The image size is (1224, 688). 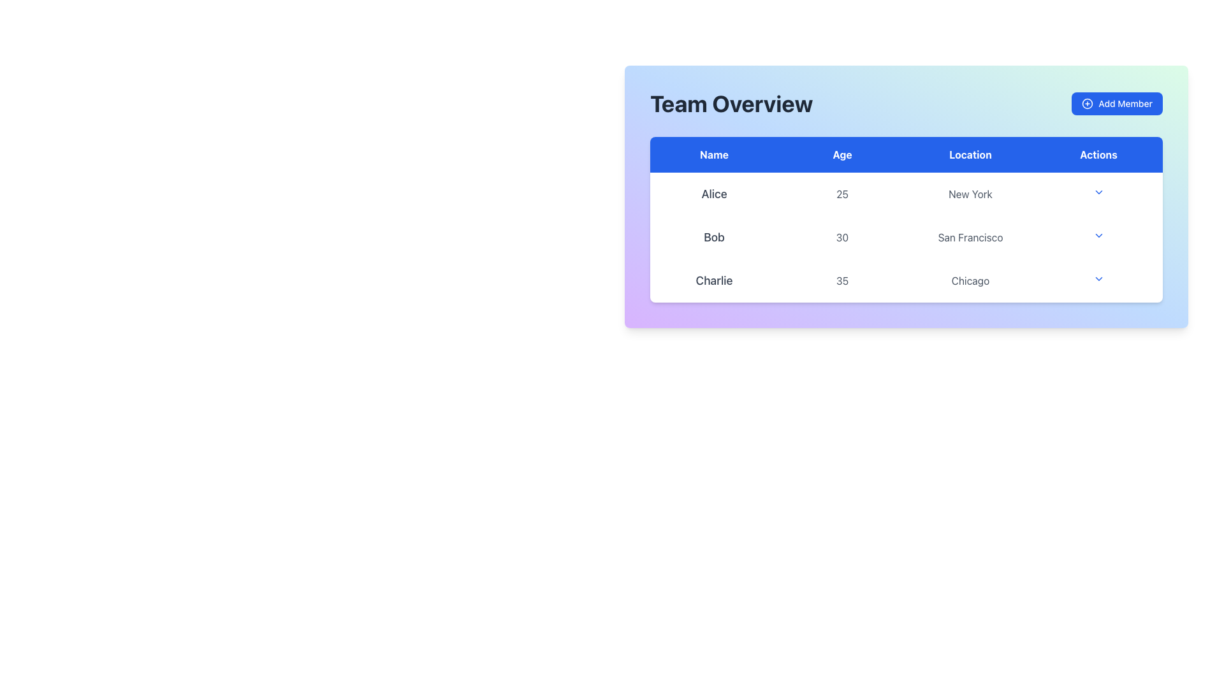 What do you see at coordinates (842, 154) in the screenshot?
I see `the 'Age' label in the header row of the table, which is the second column between 'Name' and 'Location'` at bounding box center [842, 154].